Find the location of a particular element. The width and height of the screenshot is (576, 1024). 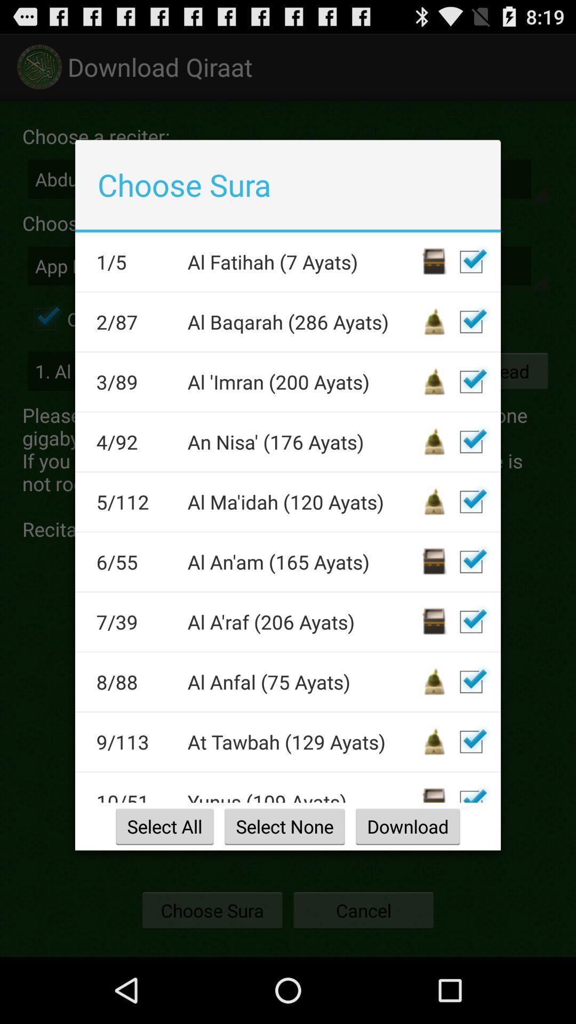

item below 2/87 app is located at coordinates (134, 382).